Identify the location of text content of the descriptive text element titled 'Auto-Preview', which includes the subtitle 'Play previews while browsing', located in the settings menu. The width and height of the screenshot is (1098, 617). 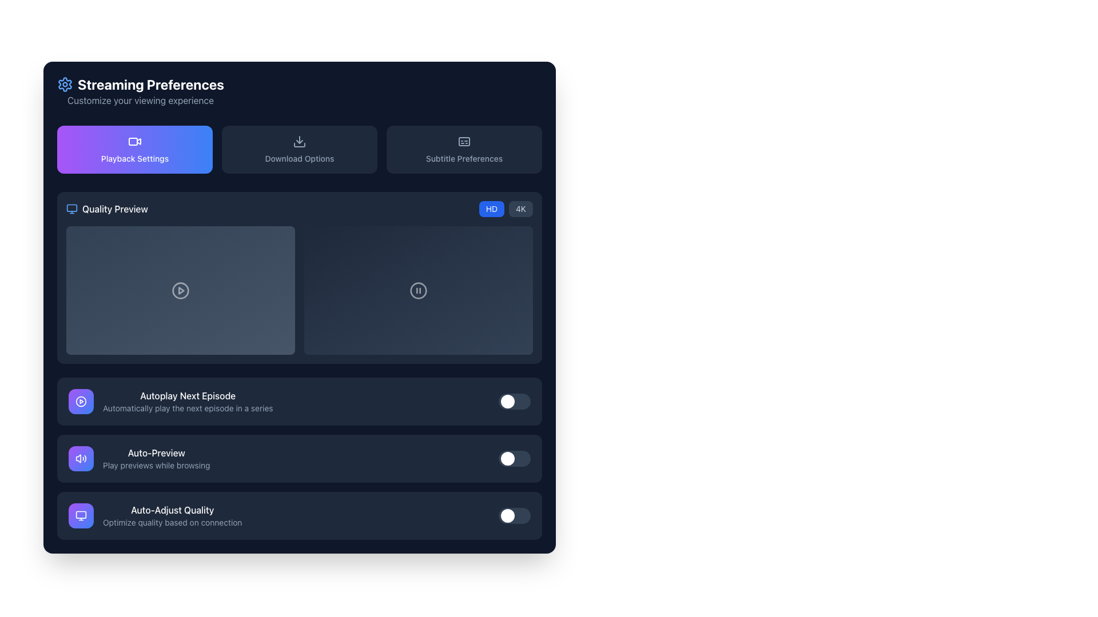
(156, 458).